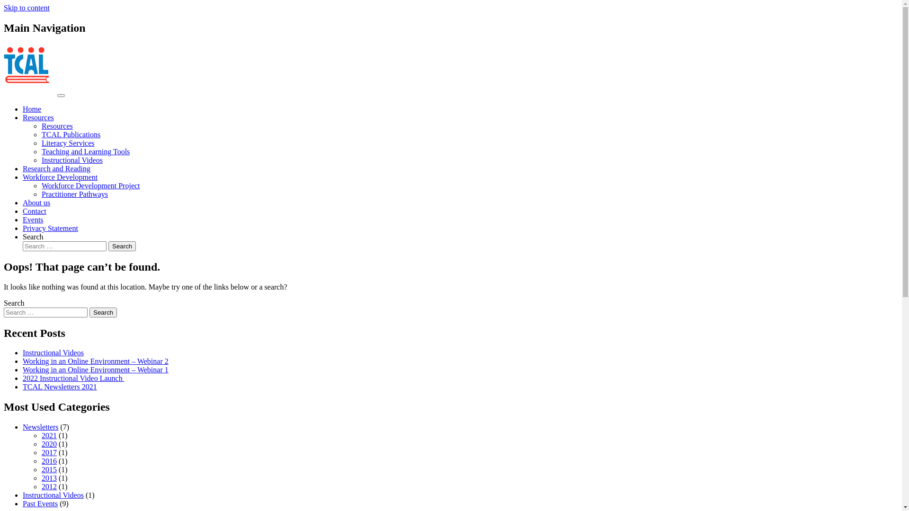 This screenshot has width=909, height=511. What do you see at coordinates (50, 228) in the screenshot?
I see `'Privacy Statement'` at bounding box center [50, 228].